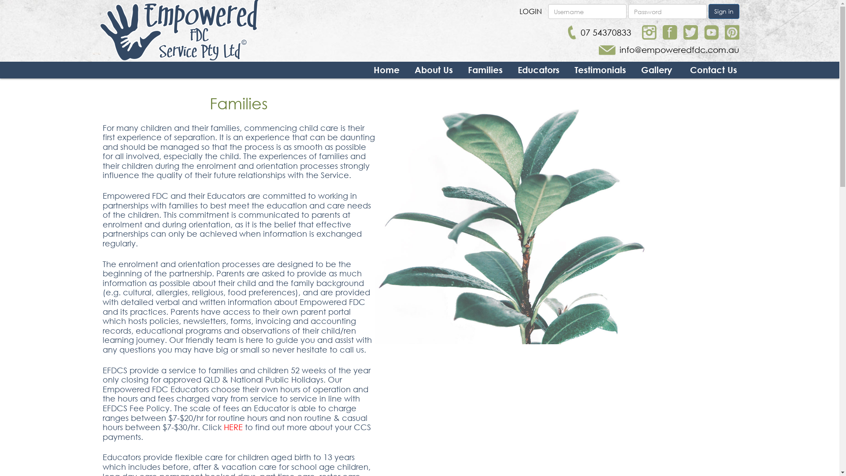 This screenshot has height=476, width=846. What do you see at coordinates (433, 69) in the screenshot?
I see `'About Us'` at bounding box center [433, 69].